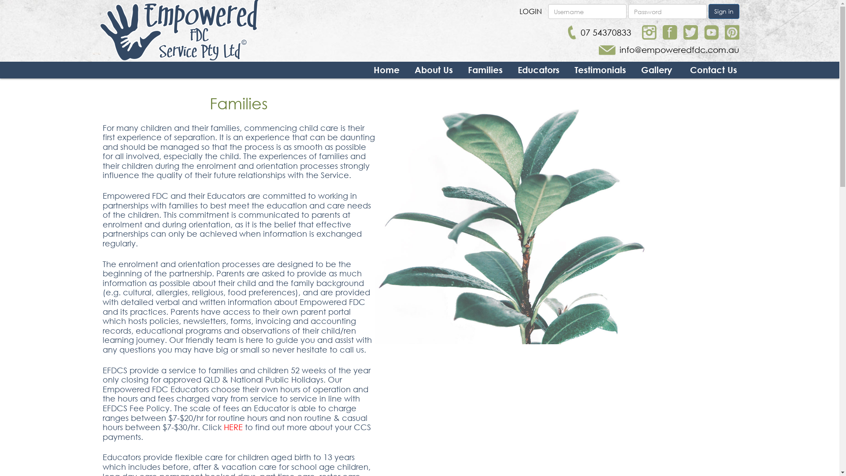 This screenshot has height=476, width=846. What do you see at coordinates (433, 69) in the screenshot?
I see `'About Us'` at bounding box center [433, 69].